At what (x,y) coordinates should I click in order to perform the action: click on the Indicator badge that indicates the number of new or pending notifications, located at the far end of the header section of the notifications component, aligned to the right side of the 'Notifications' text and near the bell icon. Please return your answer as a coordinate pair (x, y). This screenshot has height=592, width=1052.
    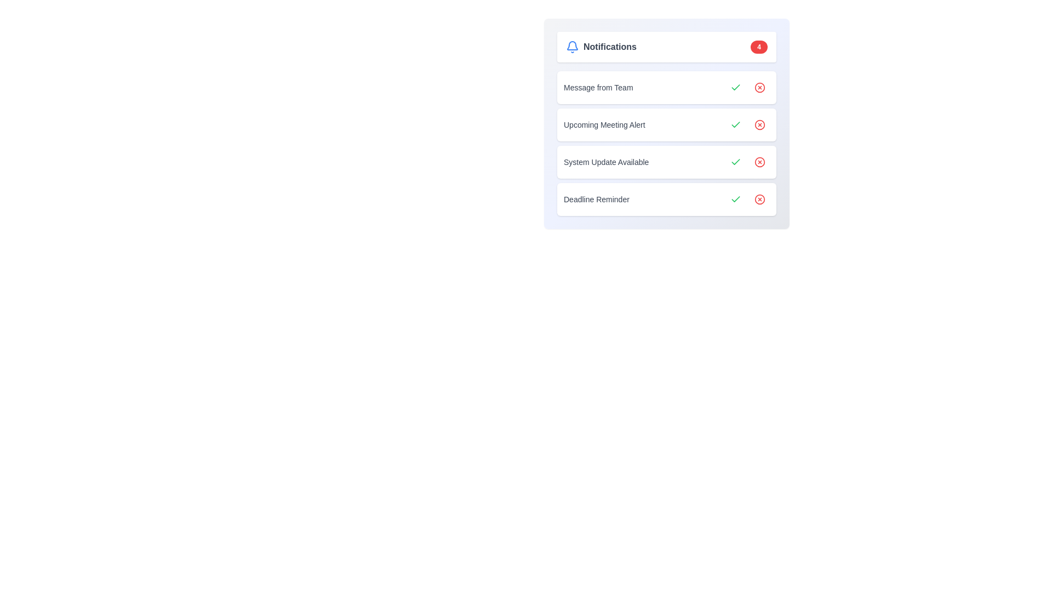
    Looking at the image, I should click on (758, 46).